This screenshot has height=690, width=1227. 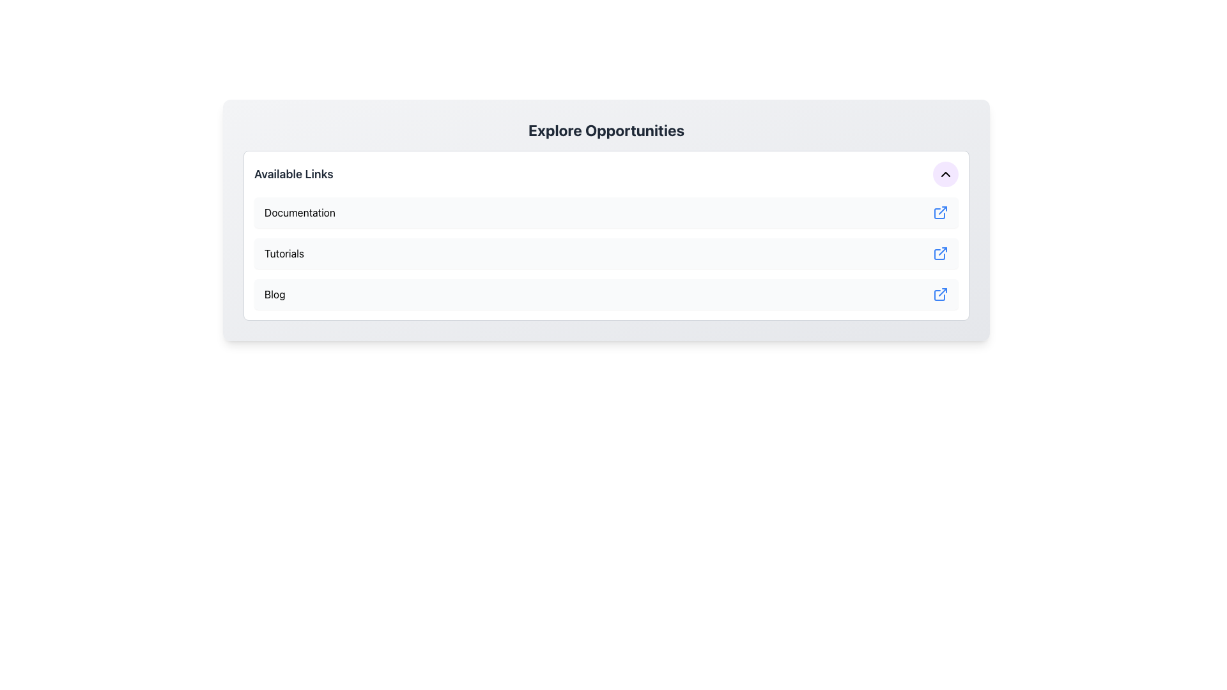 I want to click on the external link icon in the 'Blog' row, so click(x=941, y=295).